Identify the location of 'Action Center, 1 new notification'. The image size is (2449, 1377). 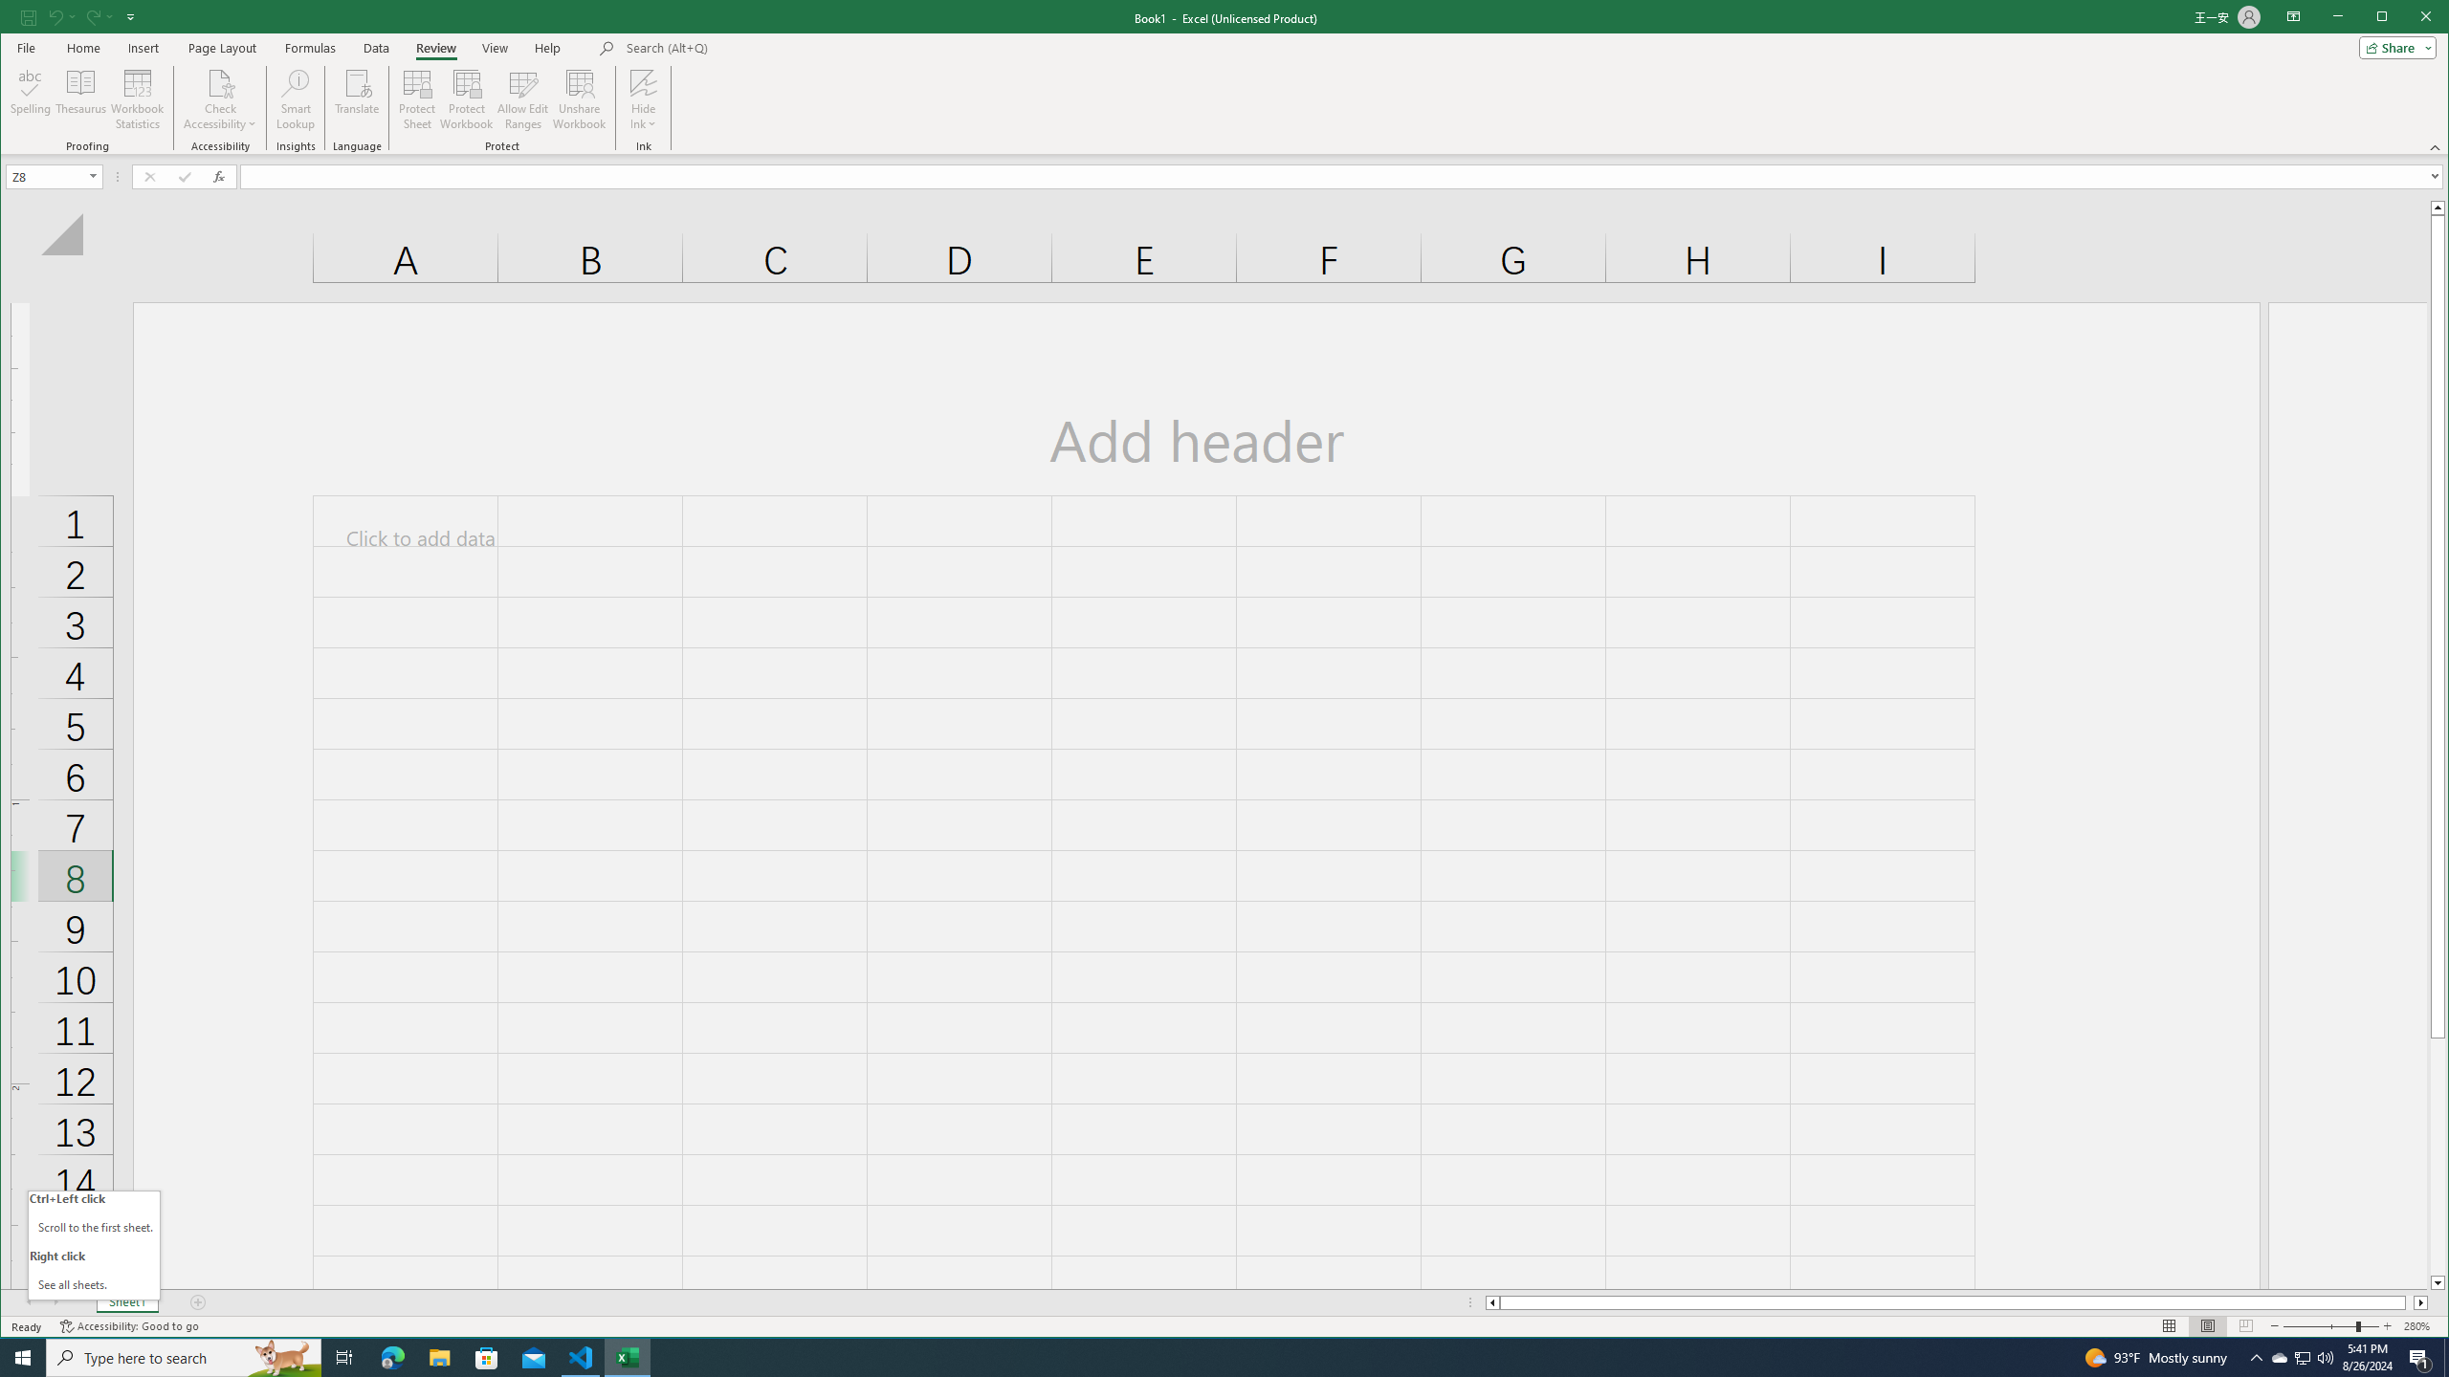
(2445, 1356).